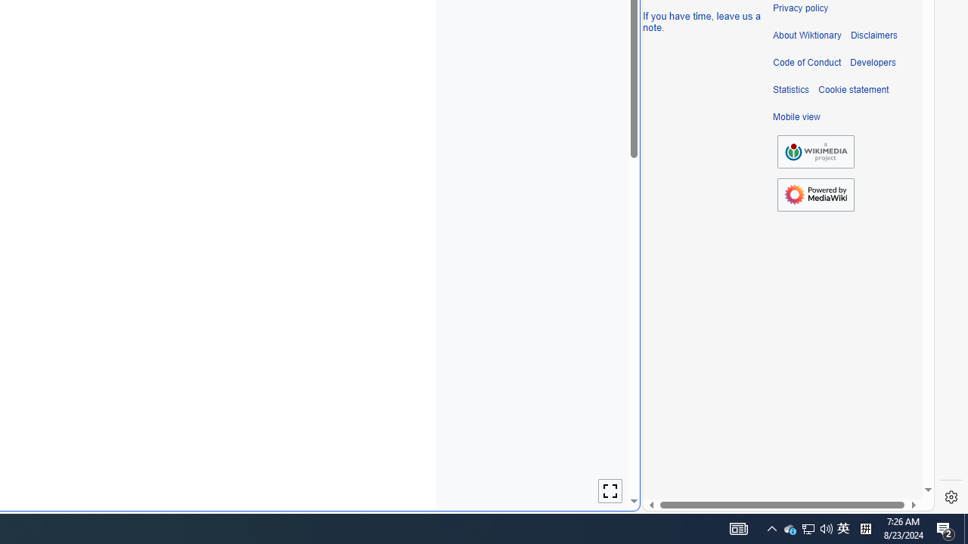 The image size is (968, 544). What do you see at coordinates (701, 21) in the screenshot?
I see `'If you have time, leave us a note.'` at bounding box center [701, 21].